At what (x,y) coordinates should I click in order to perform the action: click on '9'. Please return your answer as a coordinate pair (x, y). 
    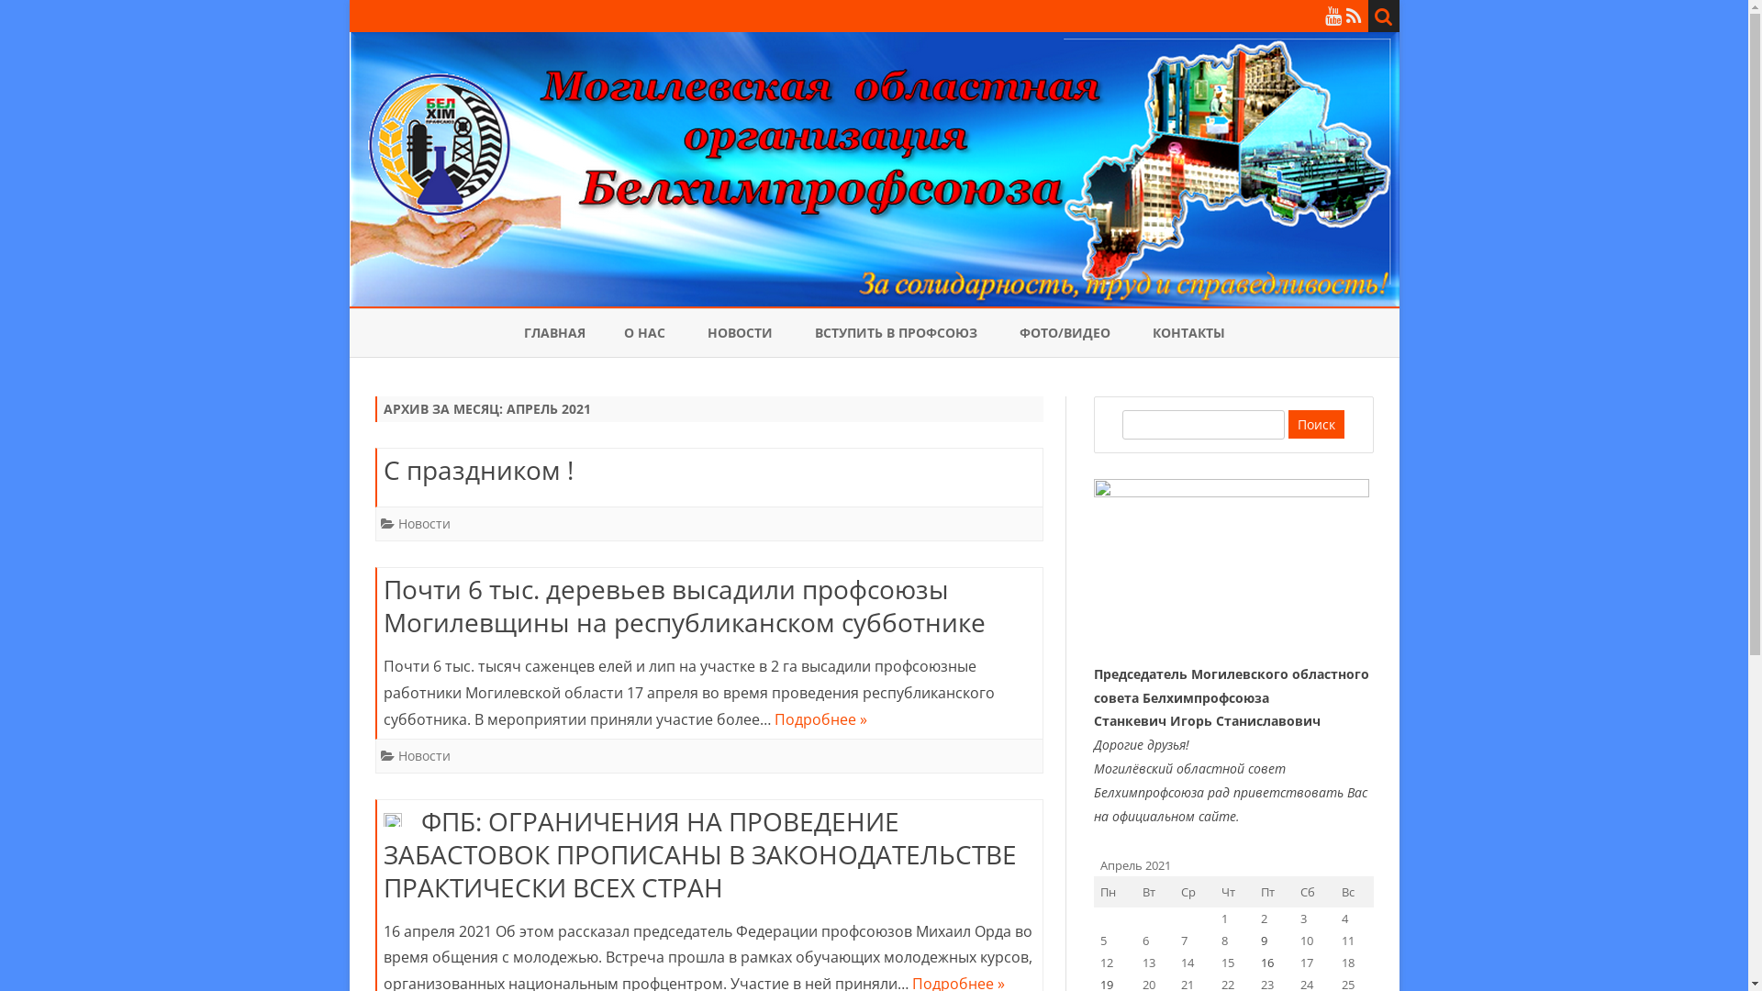
    Looking at the image, I should click on (1263, 941).